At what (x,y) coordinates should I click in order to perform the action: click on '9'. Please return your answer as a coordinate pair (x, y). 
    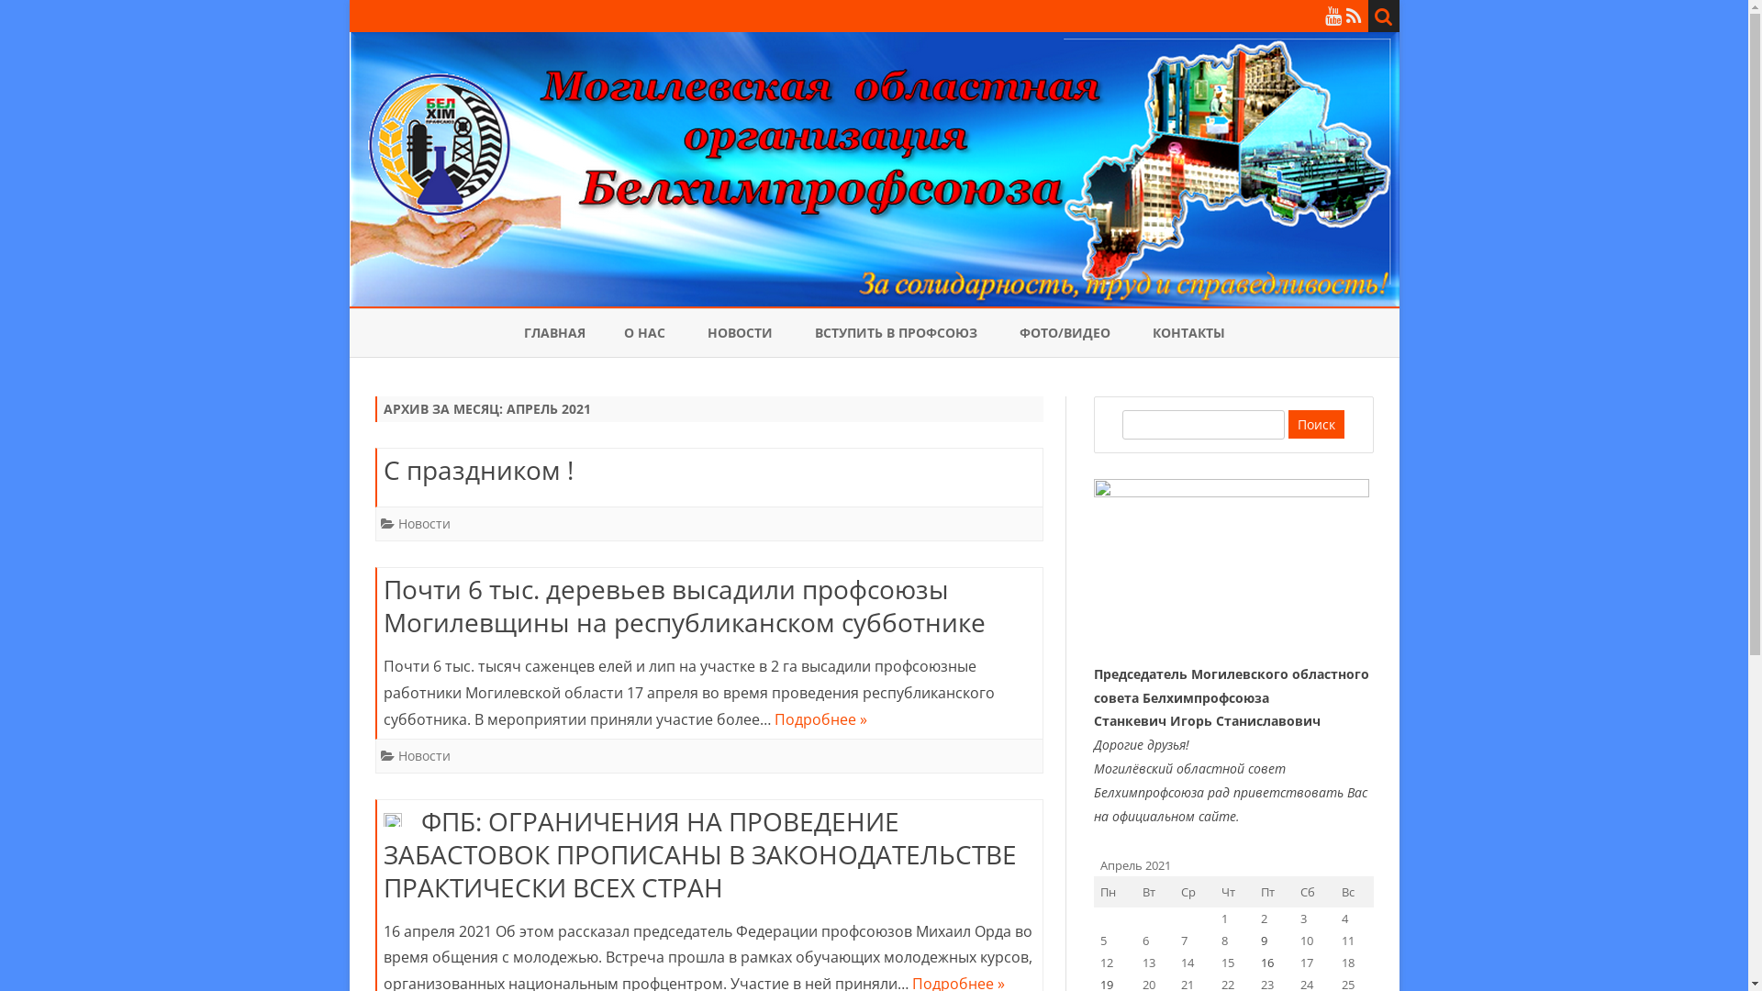
    Looking at the image, I should click on (1263, 941).